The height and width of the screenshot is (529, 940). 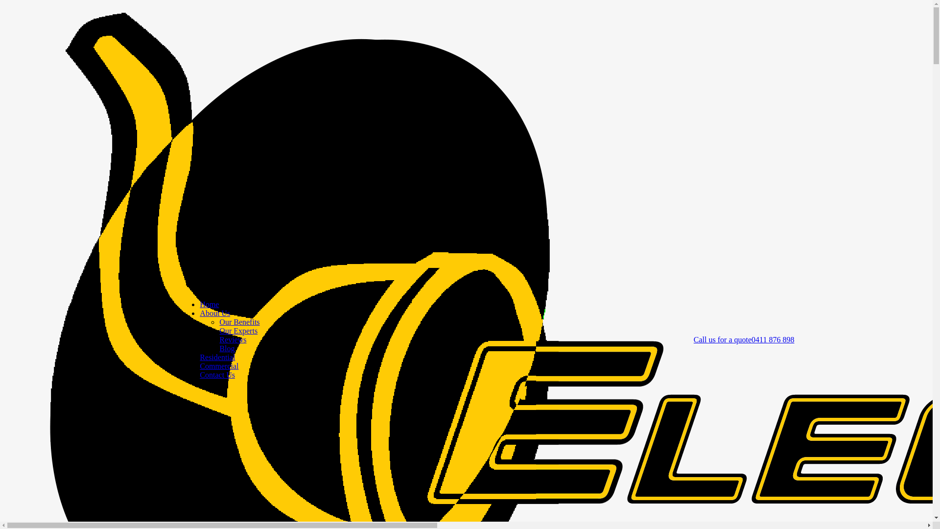 What do you see at coordinates (199, 375) in the screenshot?
I see `'Contact Us'` at bounding box center [199, 375].